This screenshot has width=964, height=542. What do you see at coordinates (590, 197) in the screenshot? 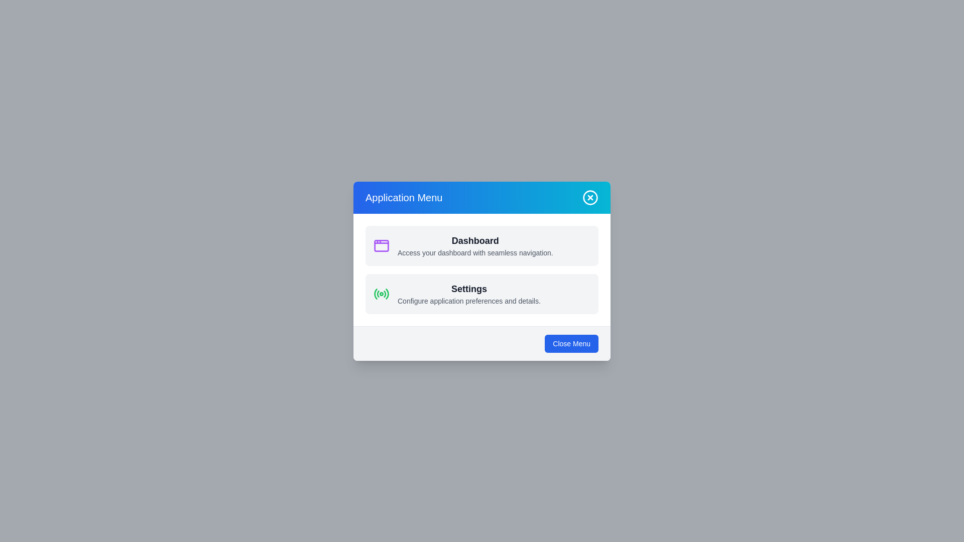
I see `the 'X' button in the header to close the menu` at bounding box center [590, 197].